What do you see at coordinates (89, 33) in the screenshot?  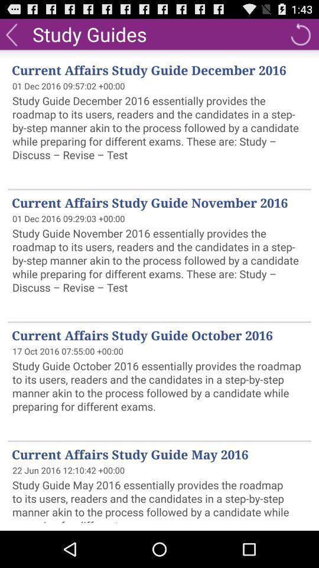 I see `study guides icon` at bounding box center [89, 33].